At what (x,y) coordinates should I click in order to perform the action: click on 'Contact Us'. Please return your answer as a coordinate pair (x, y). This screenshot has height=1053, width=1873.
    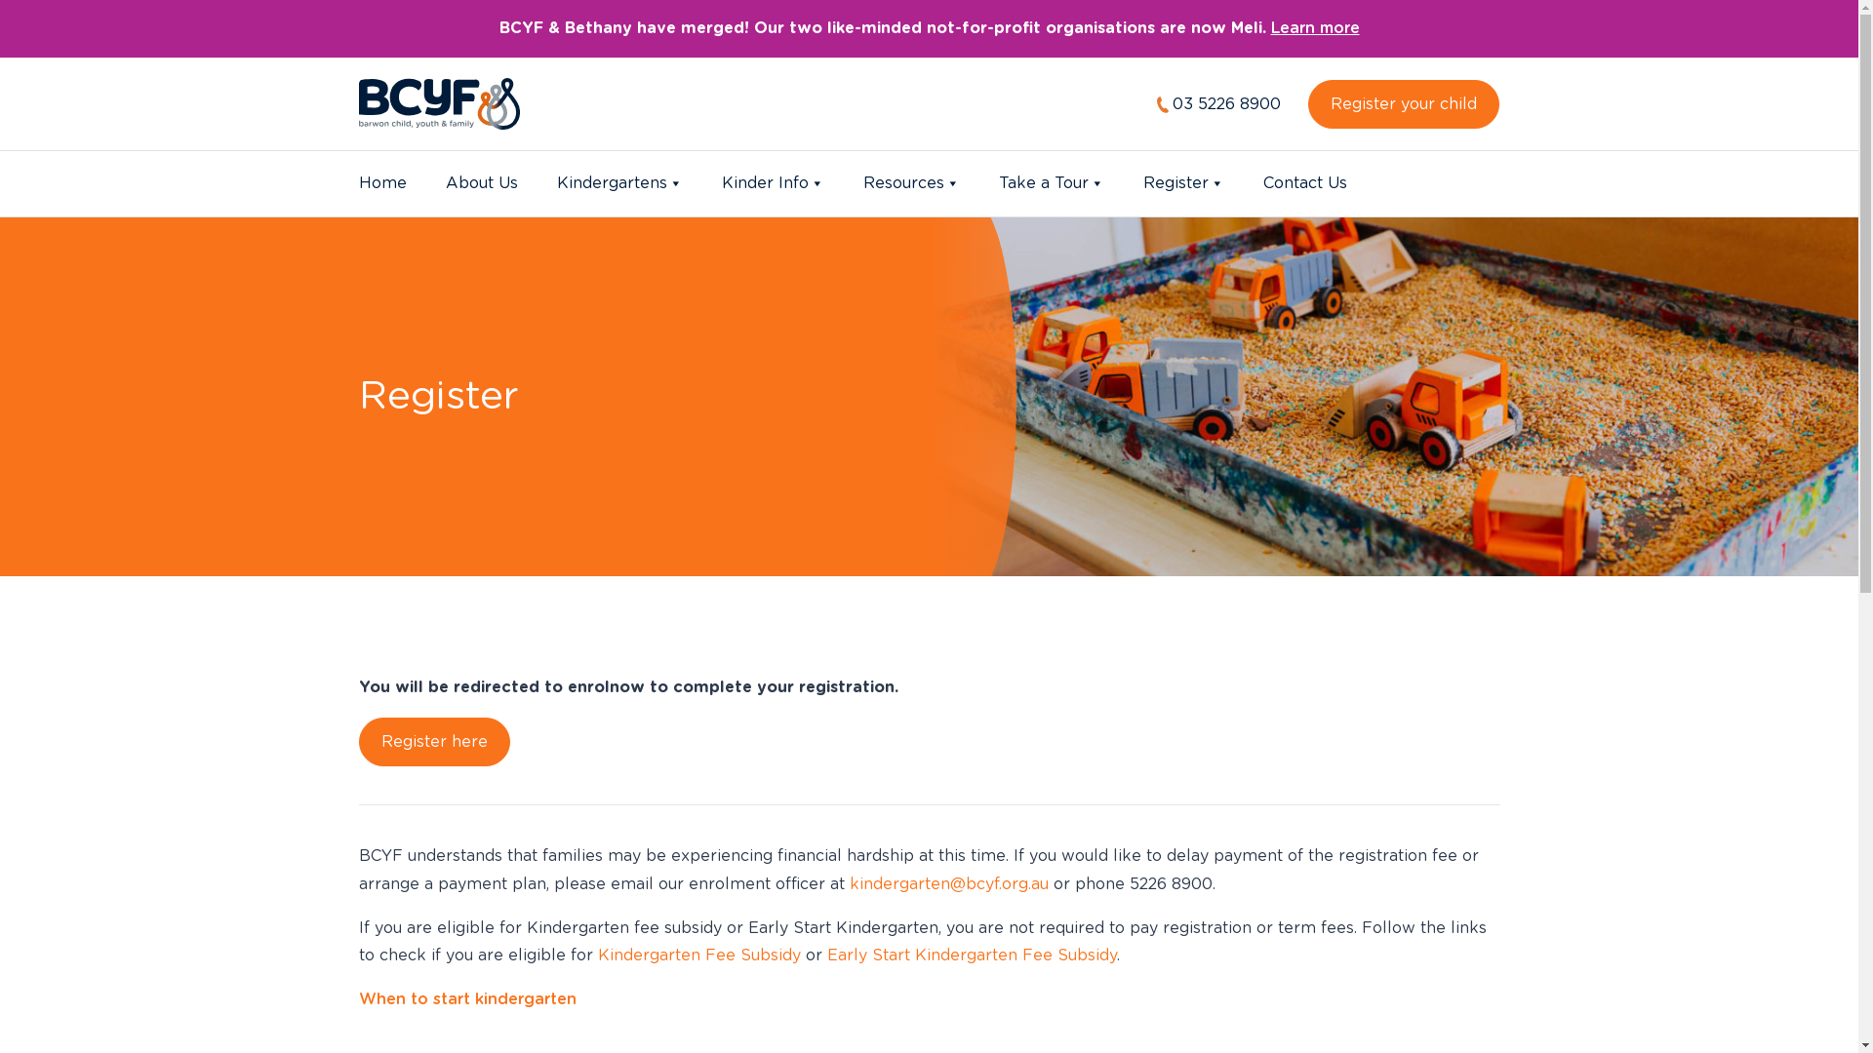
    Looking at the image, I should click on (1304, 183).